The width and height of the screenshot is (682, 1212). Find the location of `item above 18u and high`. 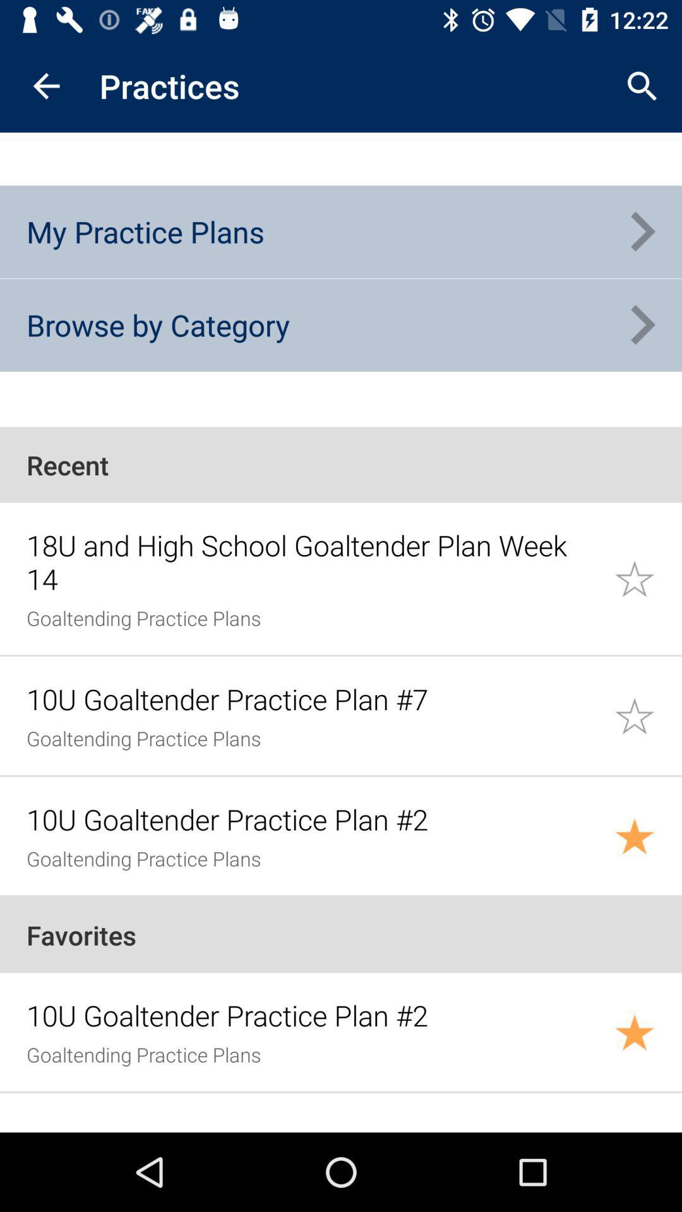

item above 18u and high is located at coordinates (341, 464).